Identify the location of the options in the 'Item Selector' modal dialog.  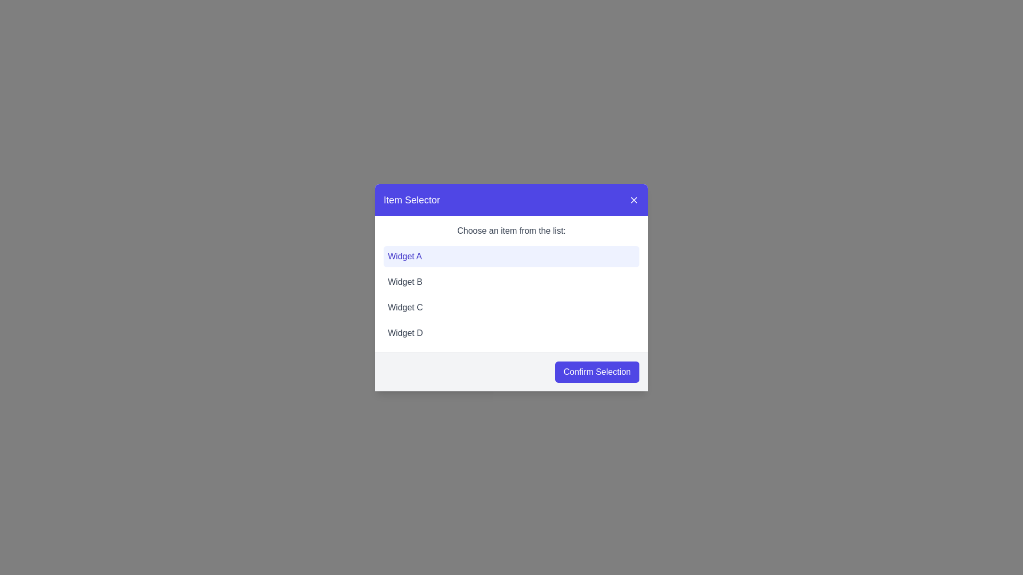
(511, 287).